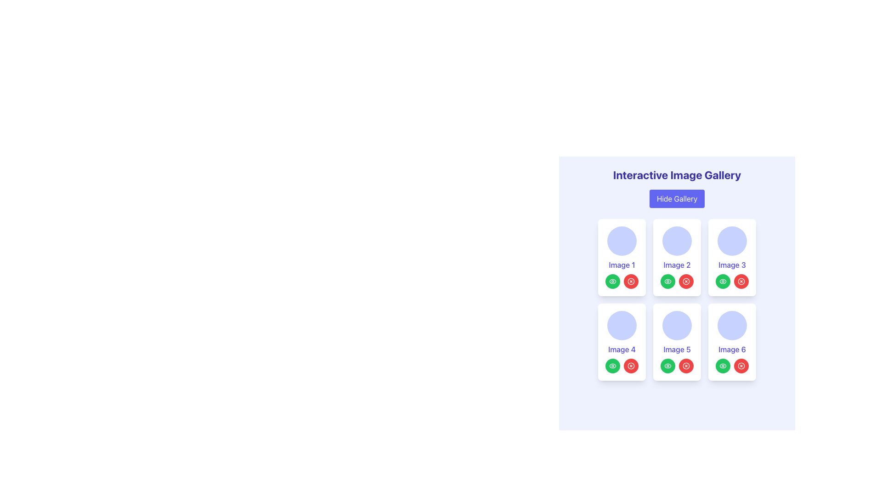 This screenshot has width=882, height=496. I want to click on the green circular button with the eye-shaped icon beneath 'Image 5' in the gallery, so click(668, 281).